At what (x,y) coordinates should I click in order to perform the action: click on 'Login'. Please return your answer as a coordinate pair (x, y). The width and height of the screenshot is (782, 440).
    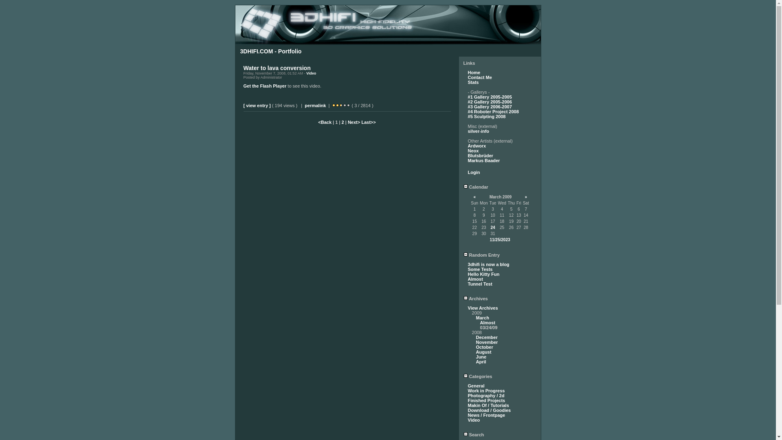
    Looking at the image, I should click on (474, 172).